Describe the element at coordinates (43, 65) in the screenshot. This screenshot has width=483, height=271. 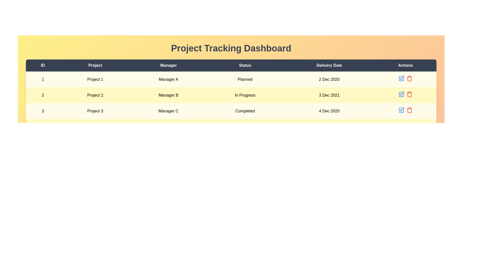
I see `the column header ID to sort the projects` at that location.